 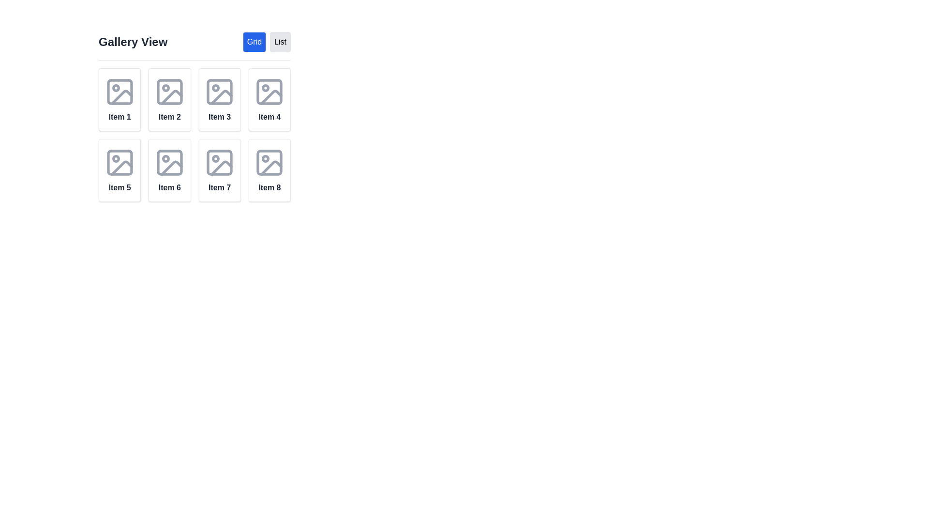 I want to click on the small rectangular shape with slightly rounded corners, part of the graphical icon for Item 6 in a 2x4 grid layout, so click(x=169, y=162).